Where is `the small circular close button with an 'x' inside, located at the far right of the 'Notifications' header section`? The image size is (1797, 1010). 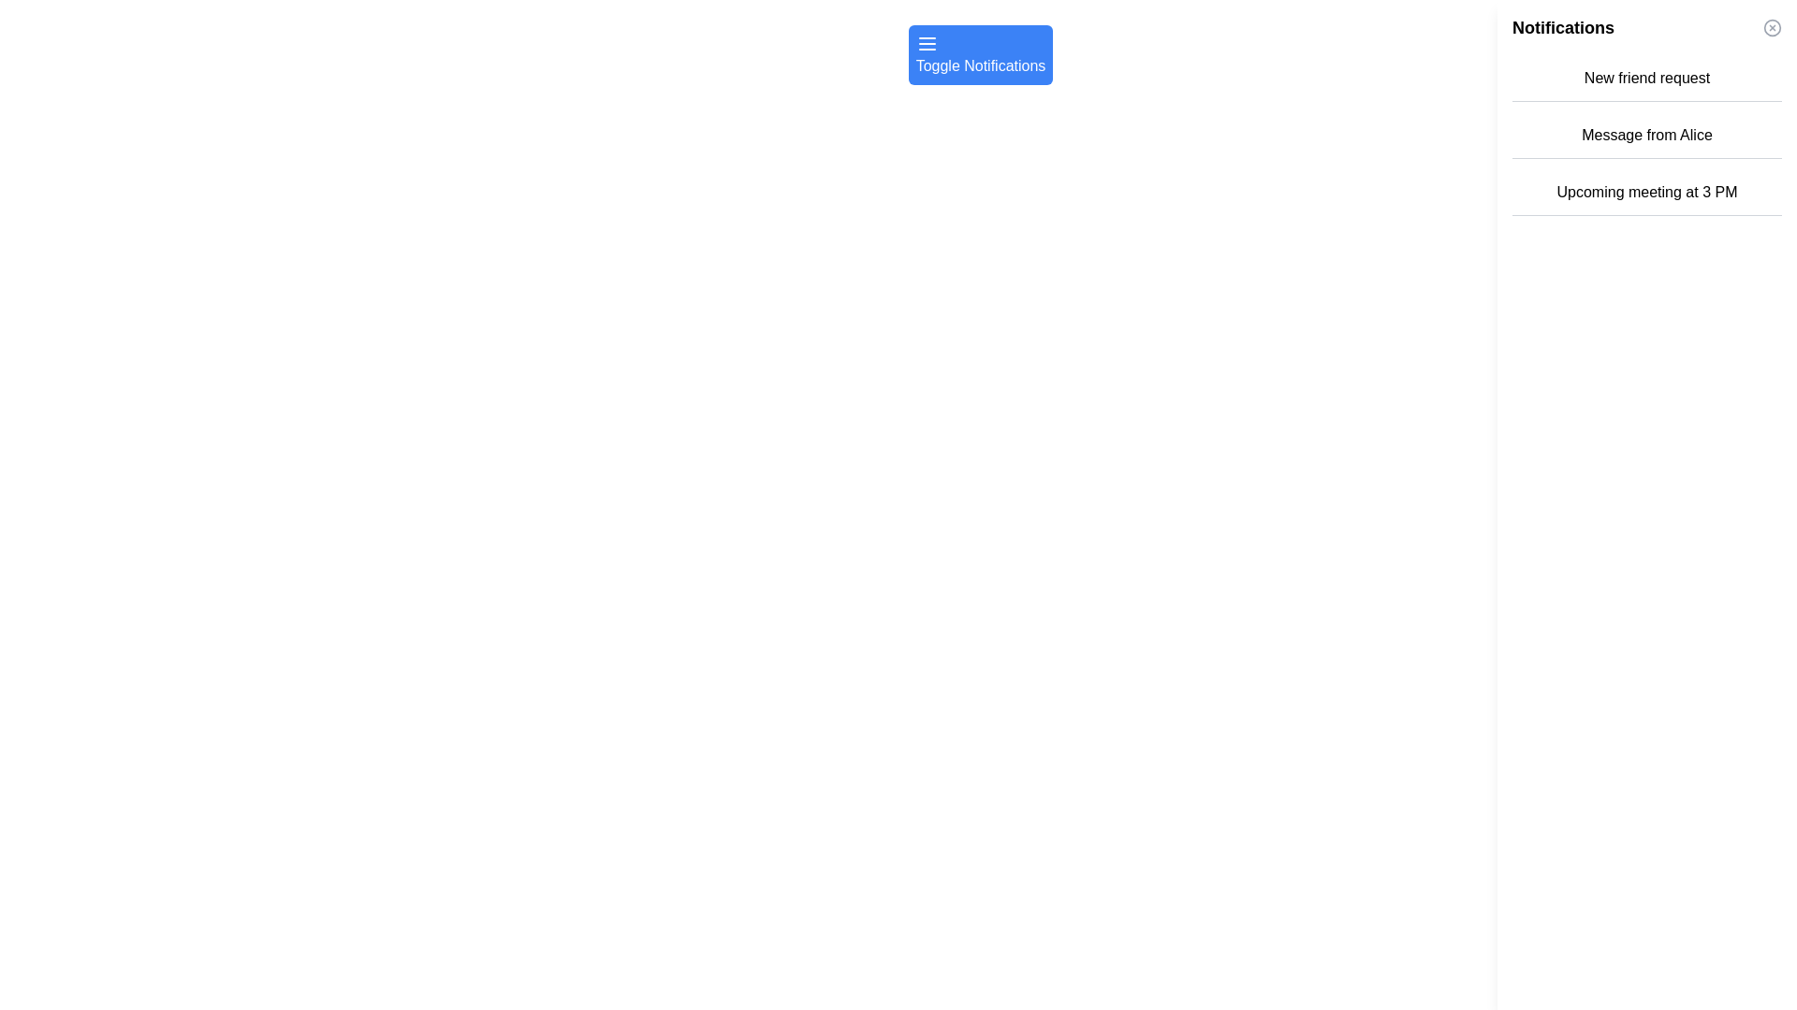
the small circular close button with an 'x' inside, located at the far right of the 'Notifications' header section is located at coordinates (1772, 28).